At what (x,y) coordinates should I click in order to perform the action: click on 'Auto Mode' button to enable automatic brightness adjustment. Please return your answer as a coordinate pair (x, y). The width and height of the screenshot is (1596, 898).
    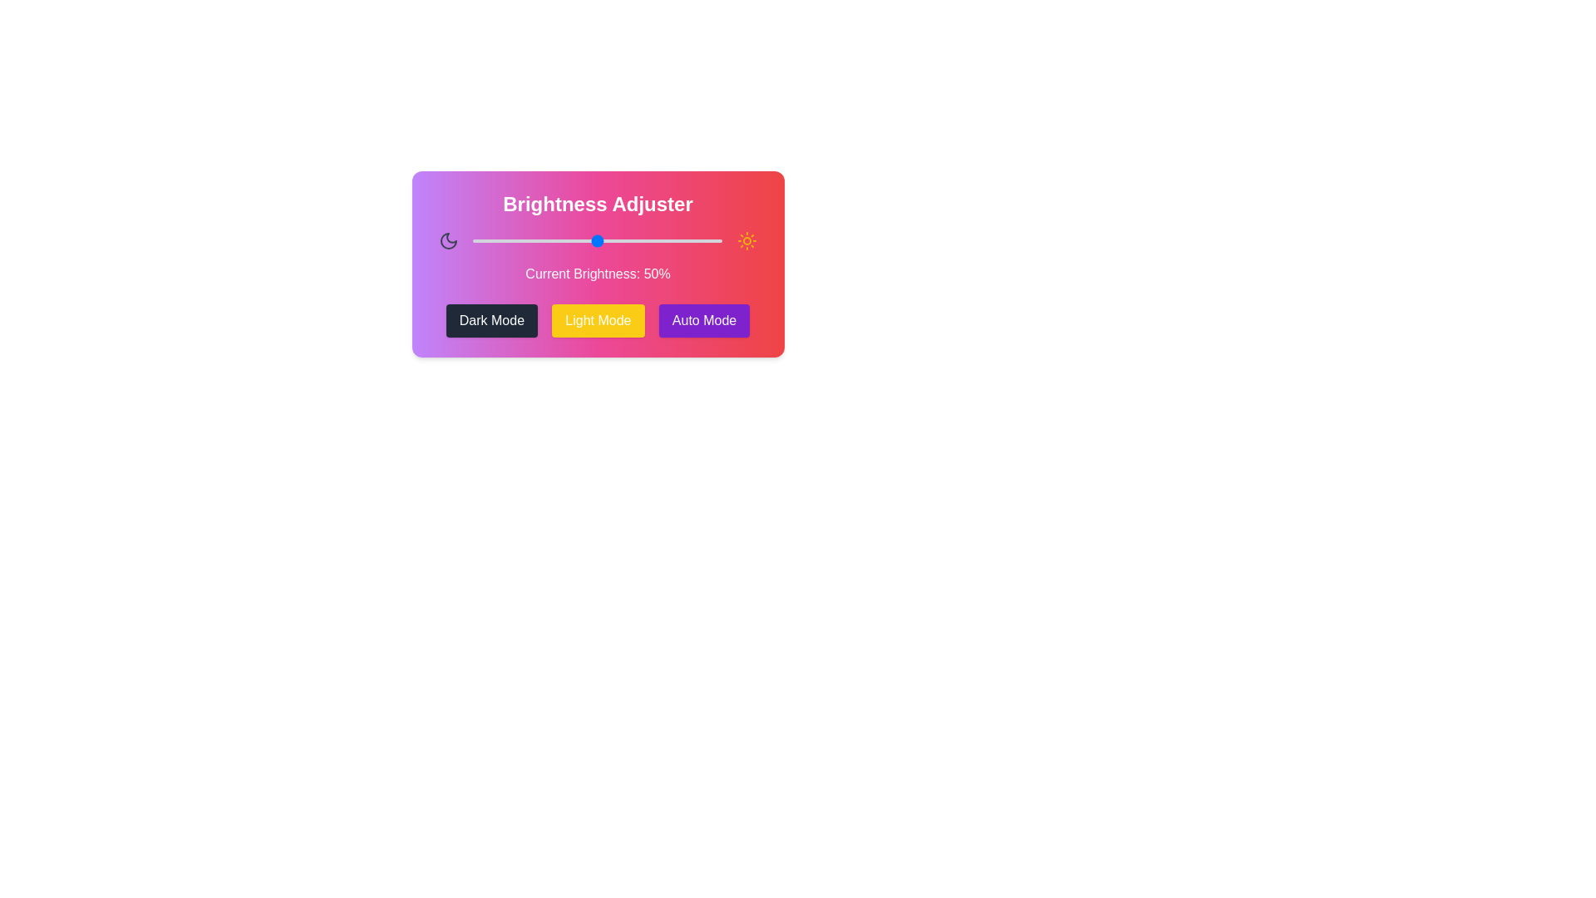
    Looking at the image, I should click on (704, 320).